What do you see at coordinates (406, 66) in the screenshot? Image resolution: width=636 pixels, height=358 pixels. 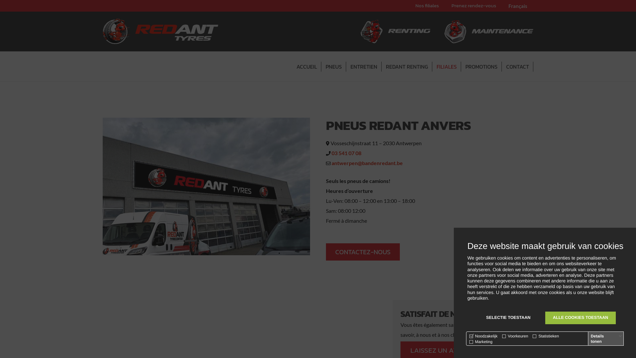 I see `'REDANT RENTING'` at bounding box center [406, 66].